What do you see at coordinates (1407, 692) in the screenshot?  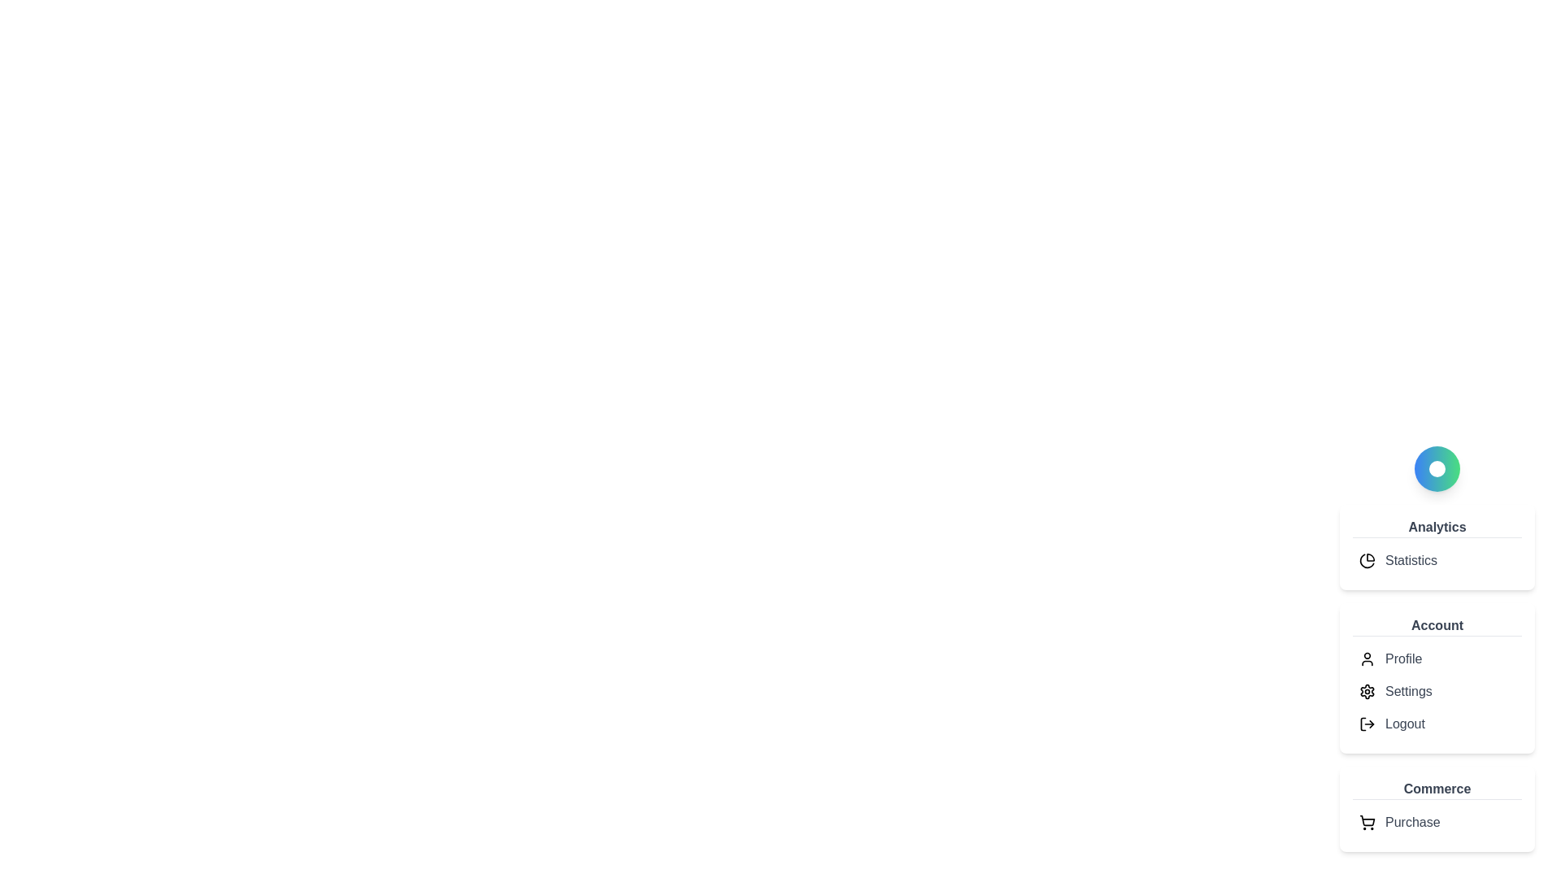 I see `the 'Settings' option under the 'Account' category` at bounding box center [1407, 692].